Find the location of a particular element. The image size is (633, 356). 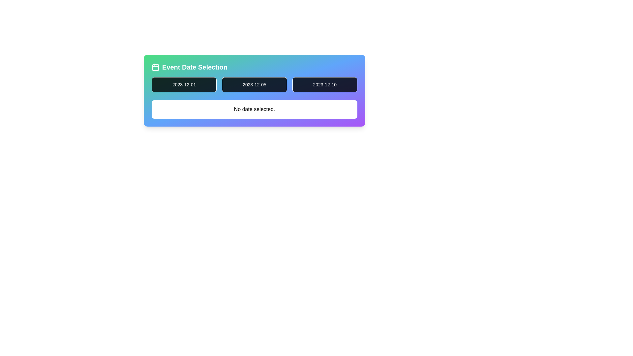

the second date selection button labeled '2023-12-05' is located at coordinates (254, 90).